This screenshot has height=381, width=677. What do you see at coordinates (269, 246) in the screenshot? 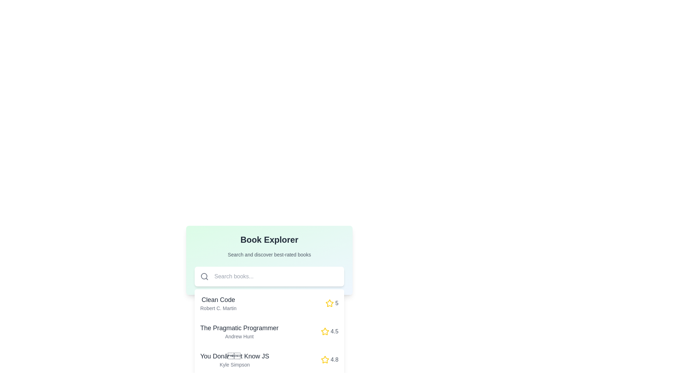
I see `the Section header element, which serves as a title and brief description for the section, located near the top center of the visible area above a search input field` at bounding box center [269, 246].